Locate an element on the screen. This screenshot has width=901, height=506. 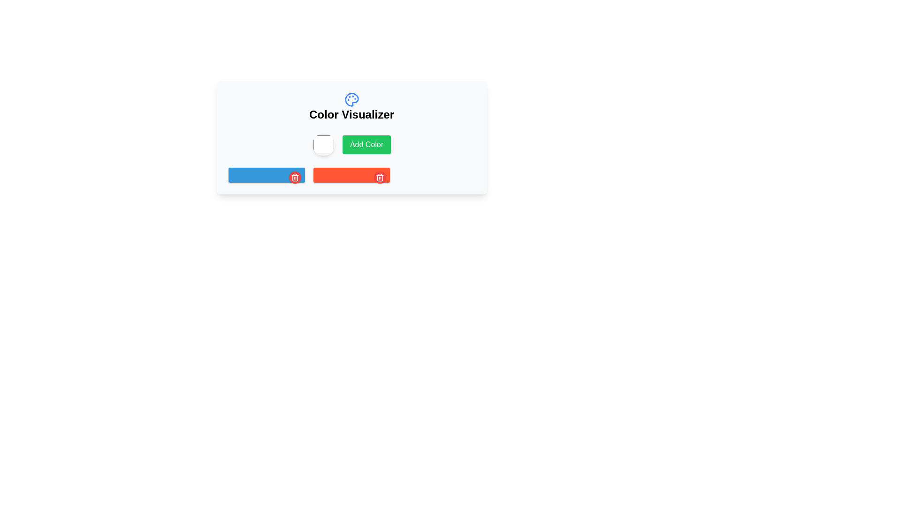
the trash bin icon with a red circular background is located at coordinates (294, 177).